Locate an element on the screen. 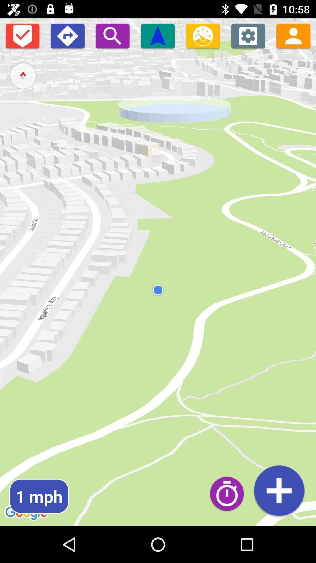 Image resolution: width=316 pixels, height=563 pixels. timer toggle is located at coordinates (230, 493).